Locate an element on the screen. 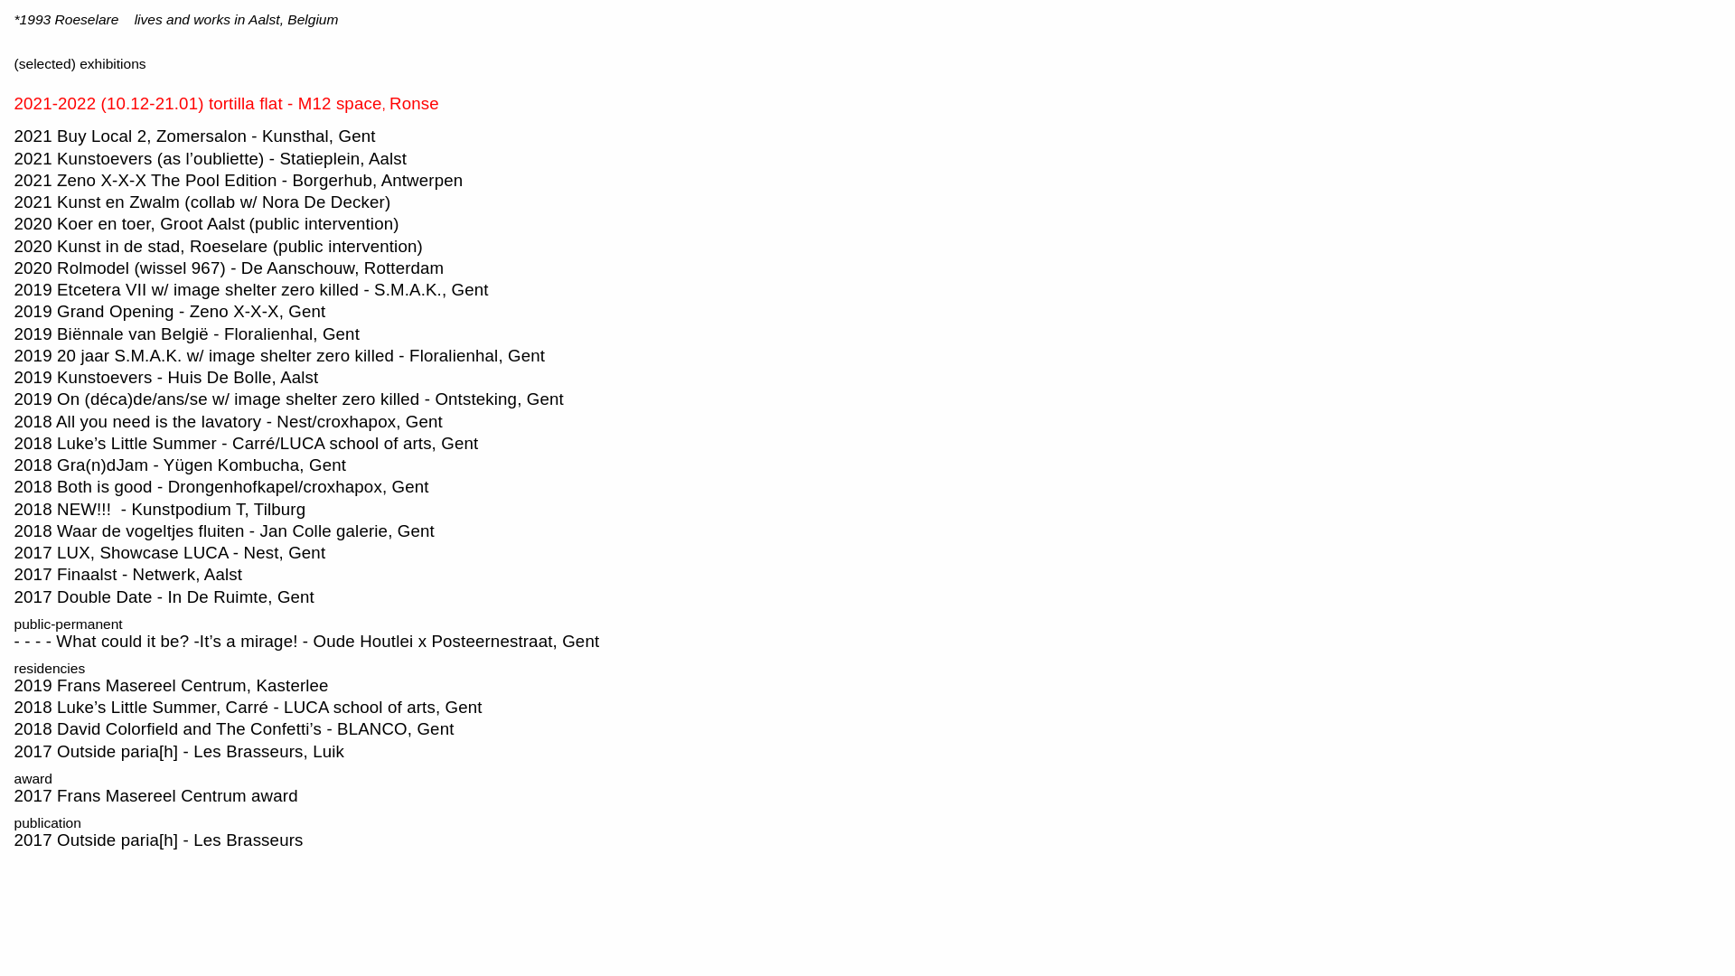 Image resolution: width=1735 pixels, height=976 pixels. '12 space' is located at coordinates (312, 104).